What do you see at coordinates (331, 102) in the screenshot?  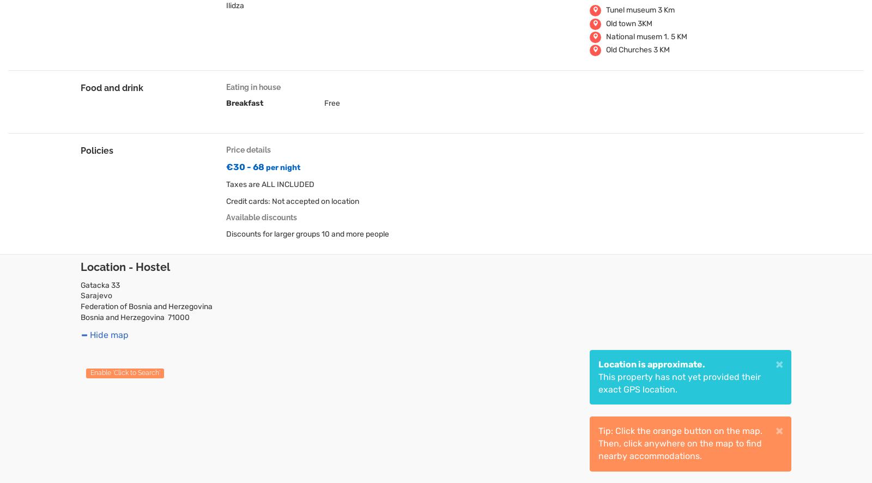 I see `'Free'` at bounding box center [331, 102].